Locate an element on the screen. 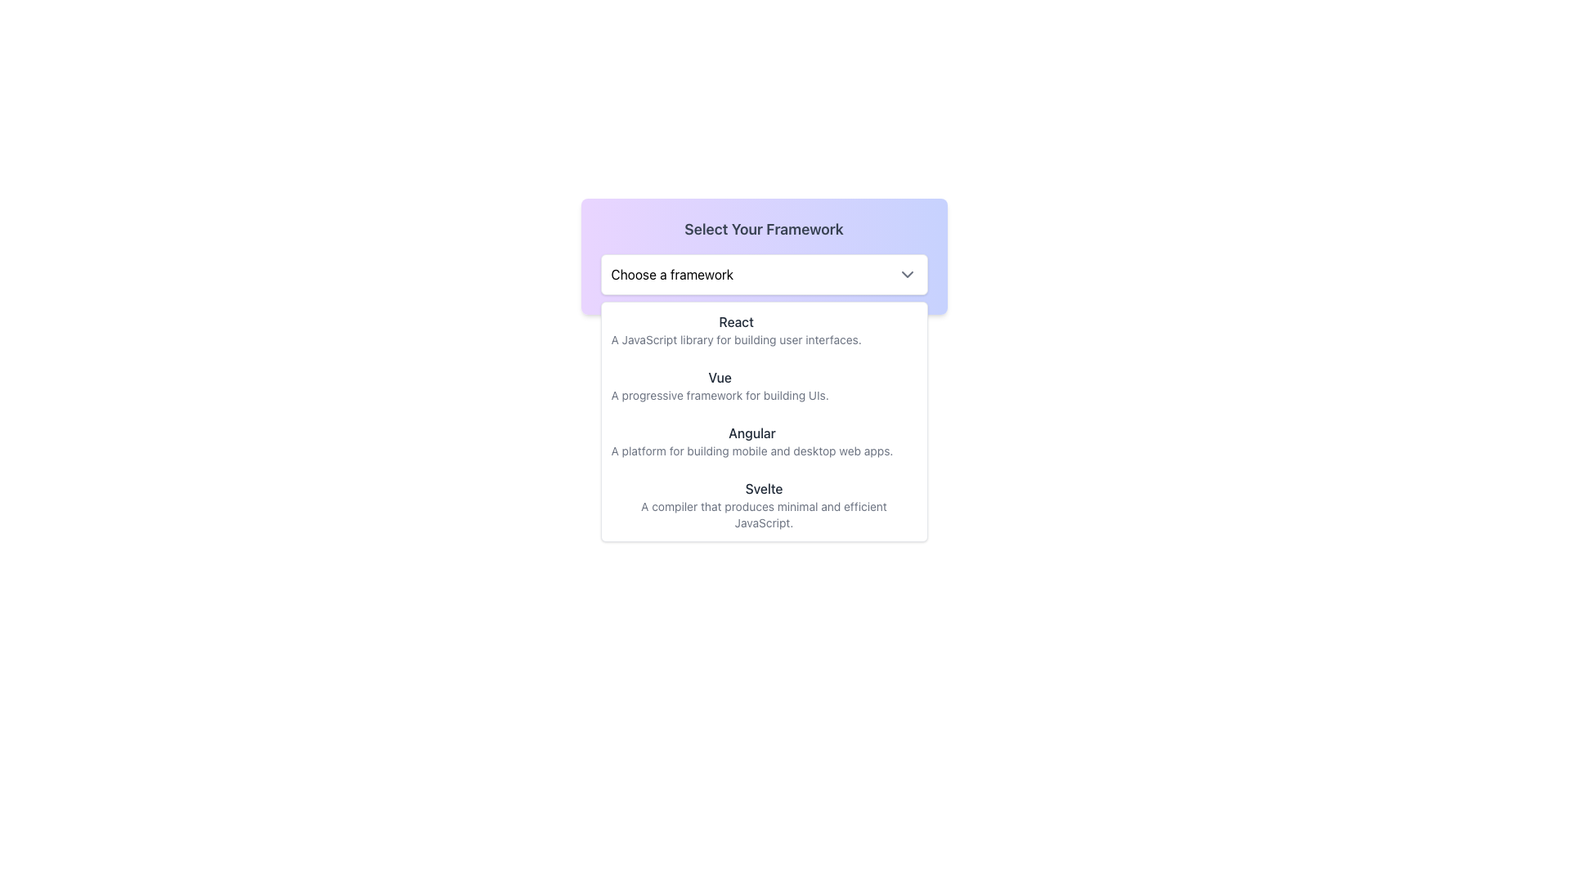 Image resolution: width=1570 pixels, height=883 pixels. the fourth entry in the dropdown menu that displays 'Svelte' as the bold text and 'A compiler that produces minimal and efficient JavaScript.' as the subdued description is located at coordinates (763, 504).